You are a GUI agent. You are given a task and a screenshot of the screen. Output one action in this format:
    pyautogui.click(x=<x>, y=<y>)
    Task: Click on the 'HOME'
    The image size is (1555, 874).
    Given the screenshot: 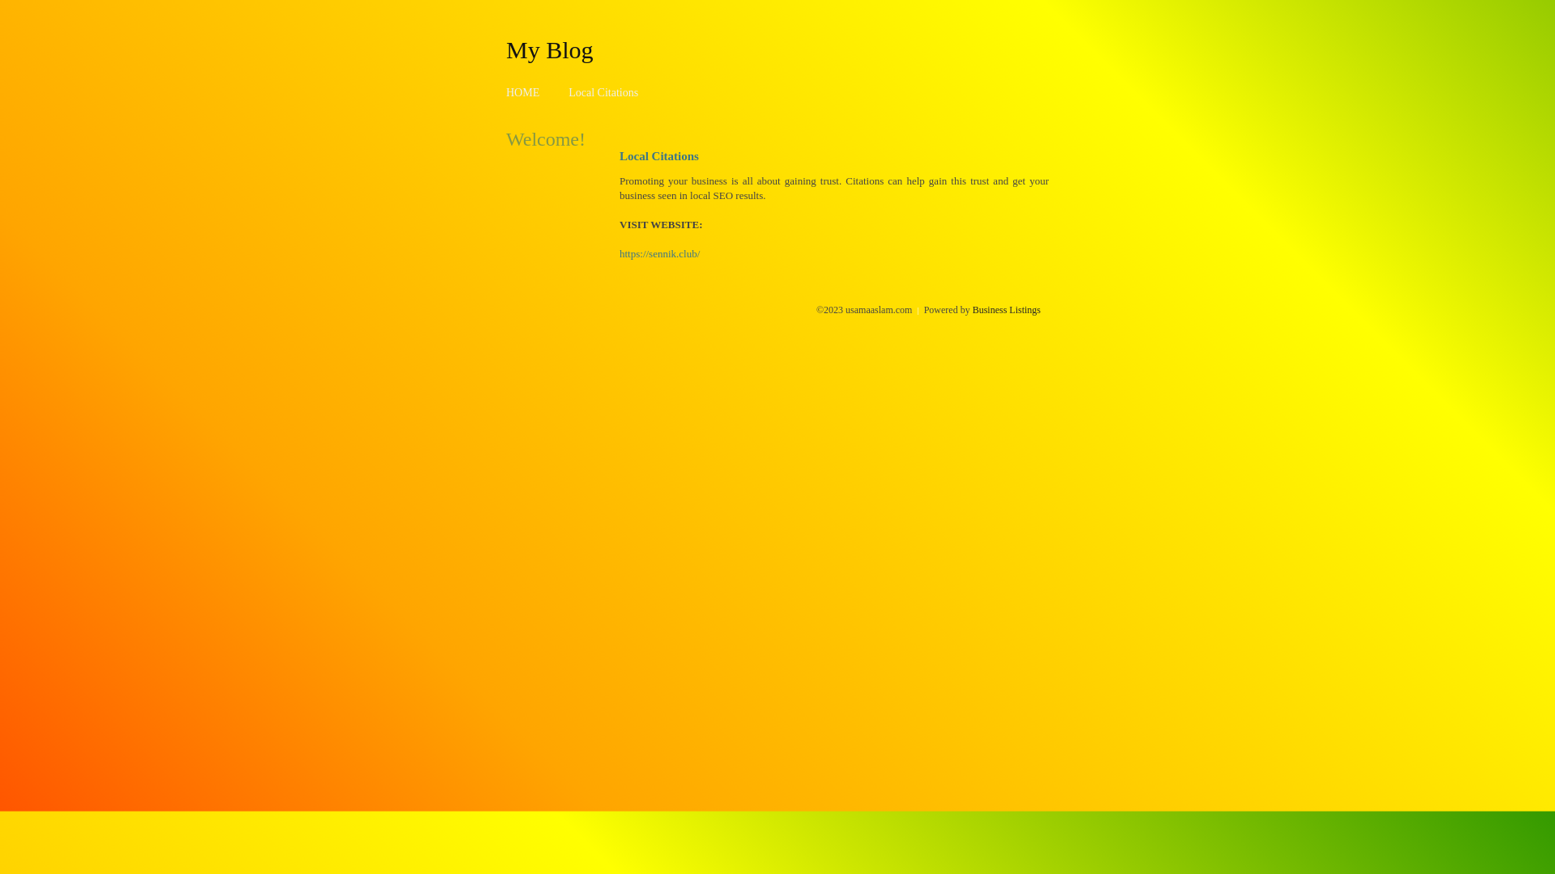 What is the action you would take?
    pyautogui.click(x=522, y=92)
    